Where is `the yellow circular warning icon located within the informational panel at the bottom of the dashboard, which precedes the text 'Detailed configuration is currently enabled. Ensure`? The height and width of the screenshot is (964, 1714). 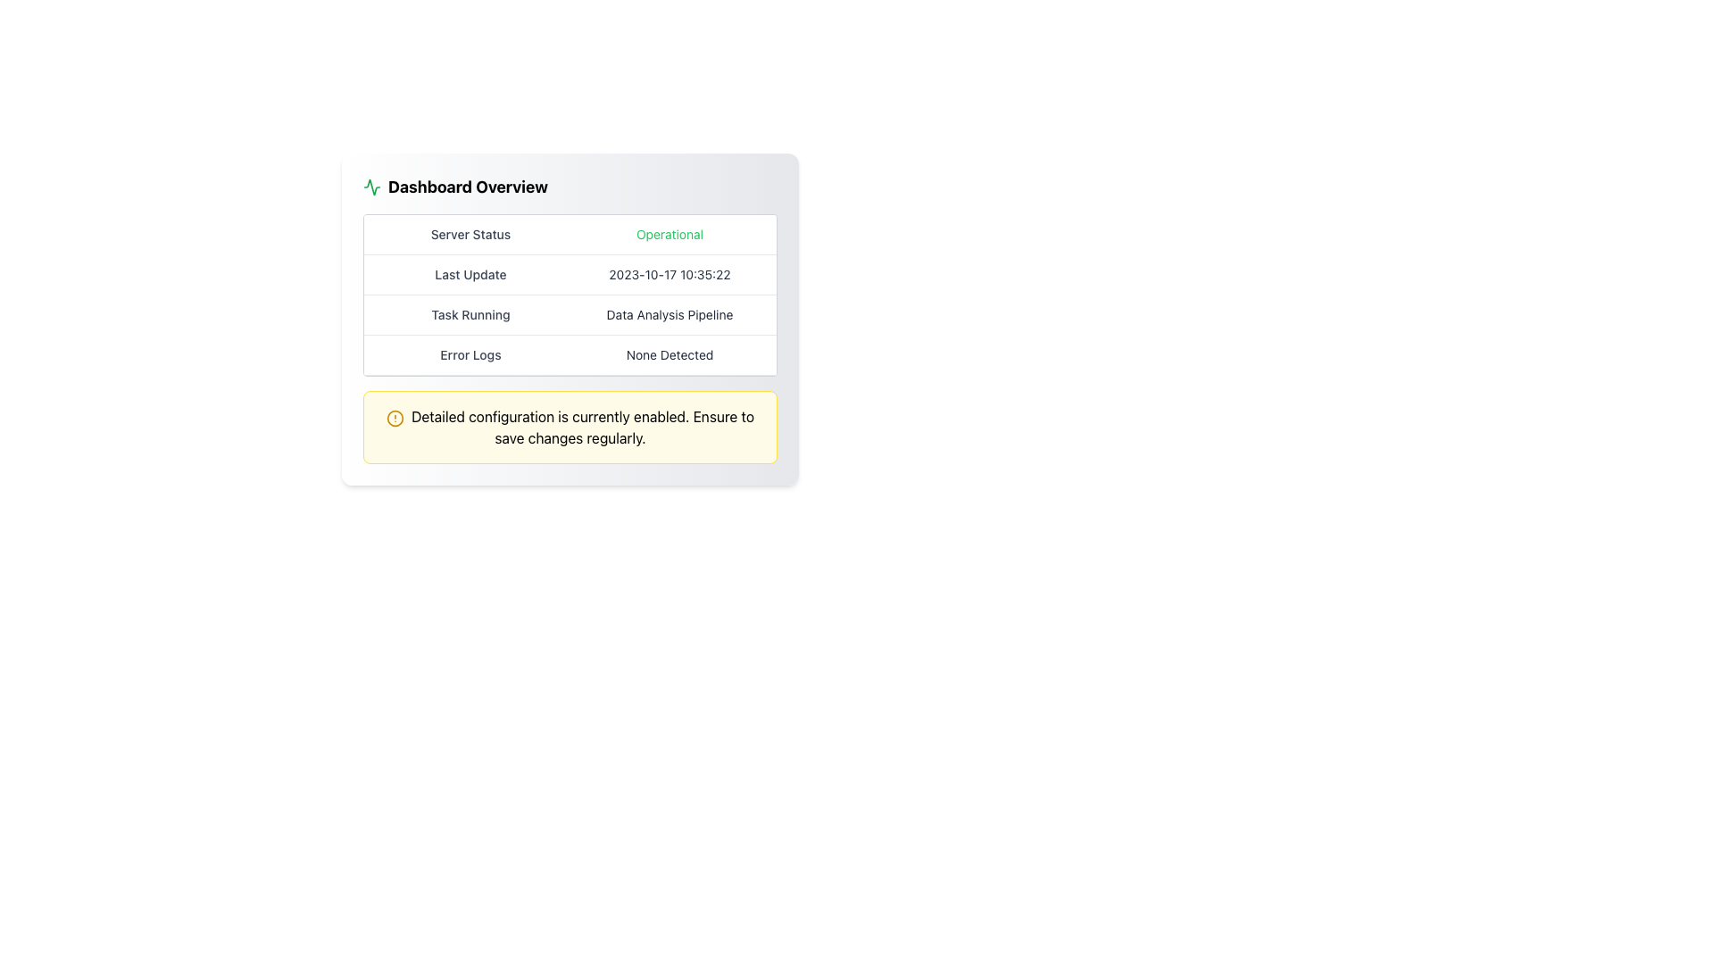
the yellow circular warning icon located within the informational panel at the bottom of the dashboard, which precedes the text 'Detailed configuration is currently enabled. Ensure is located at coordinates (394, 418).